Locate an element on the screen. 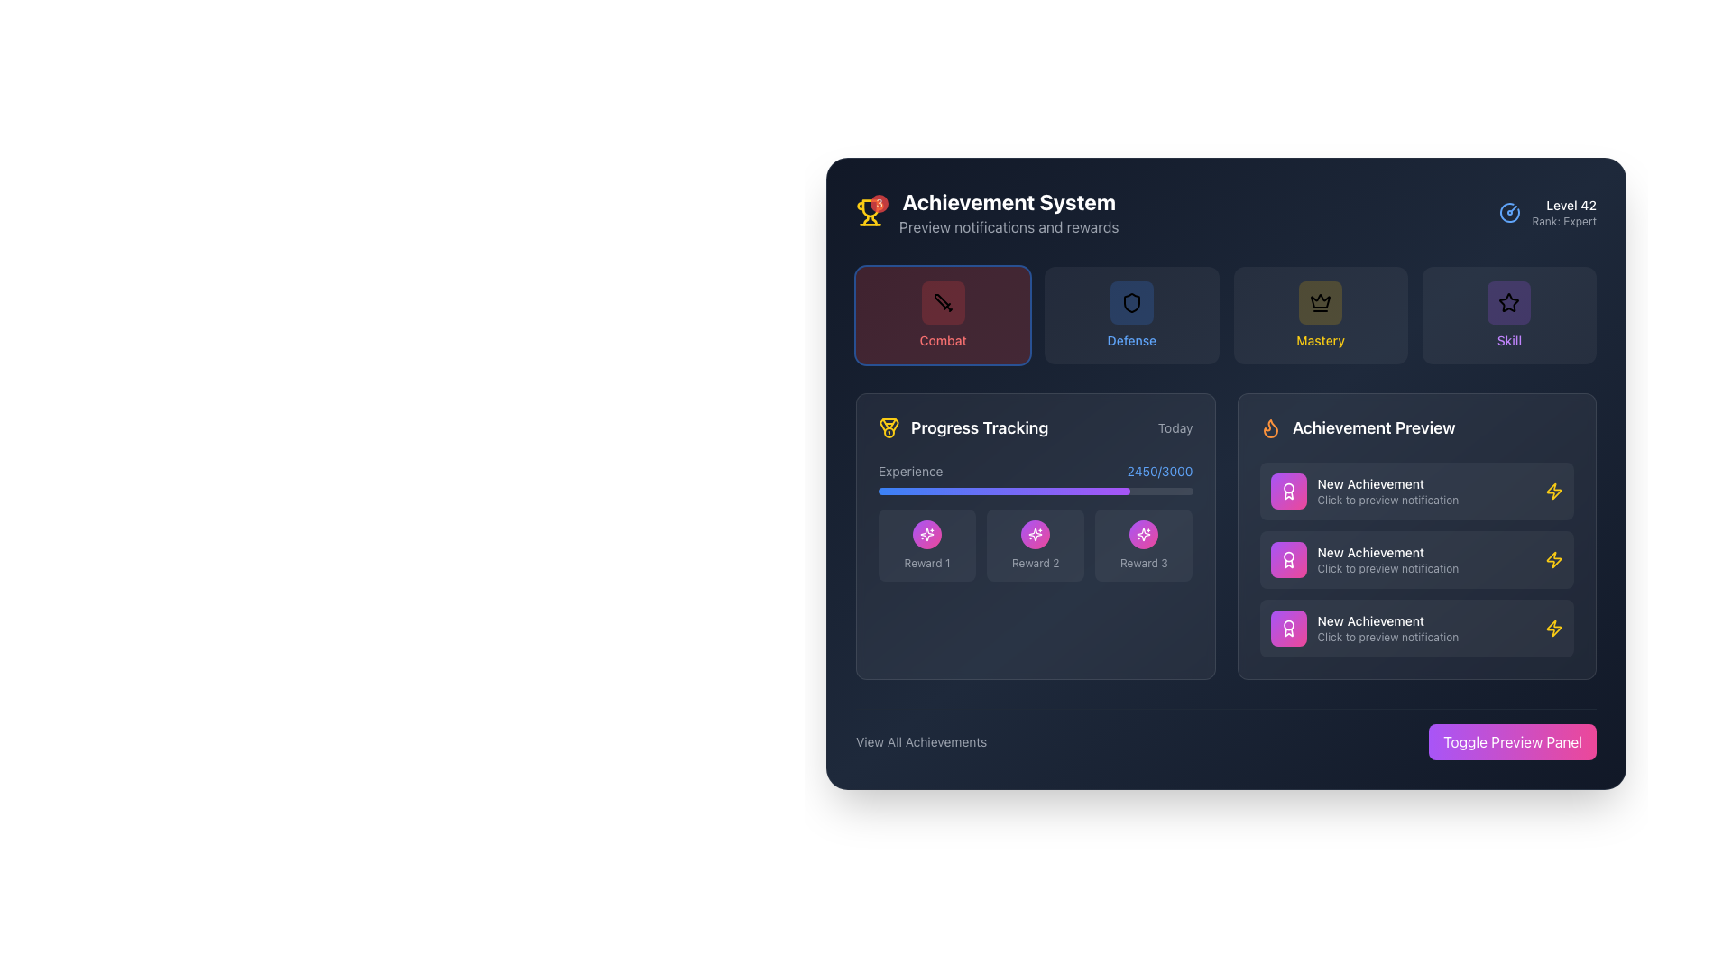 The height and width of the screenshot is (974, 1732). text from the 'Progress Tracking' label, which is styled in bold white font and accompanied by a medal-shaped icon on its left, located below the 'Combat' and 'Defense' buttons is located at coordinates (979, 427).